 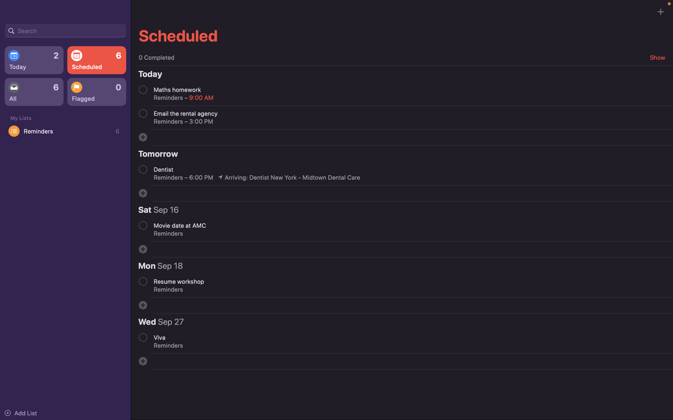 I want to click on events that are connected to a holiday, so click(x=65, y=30).